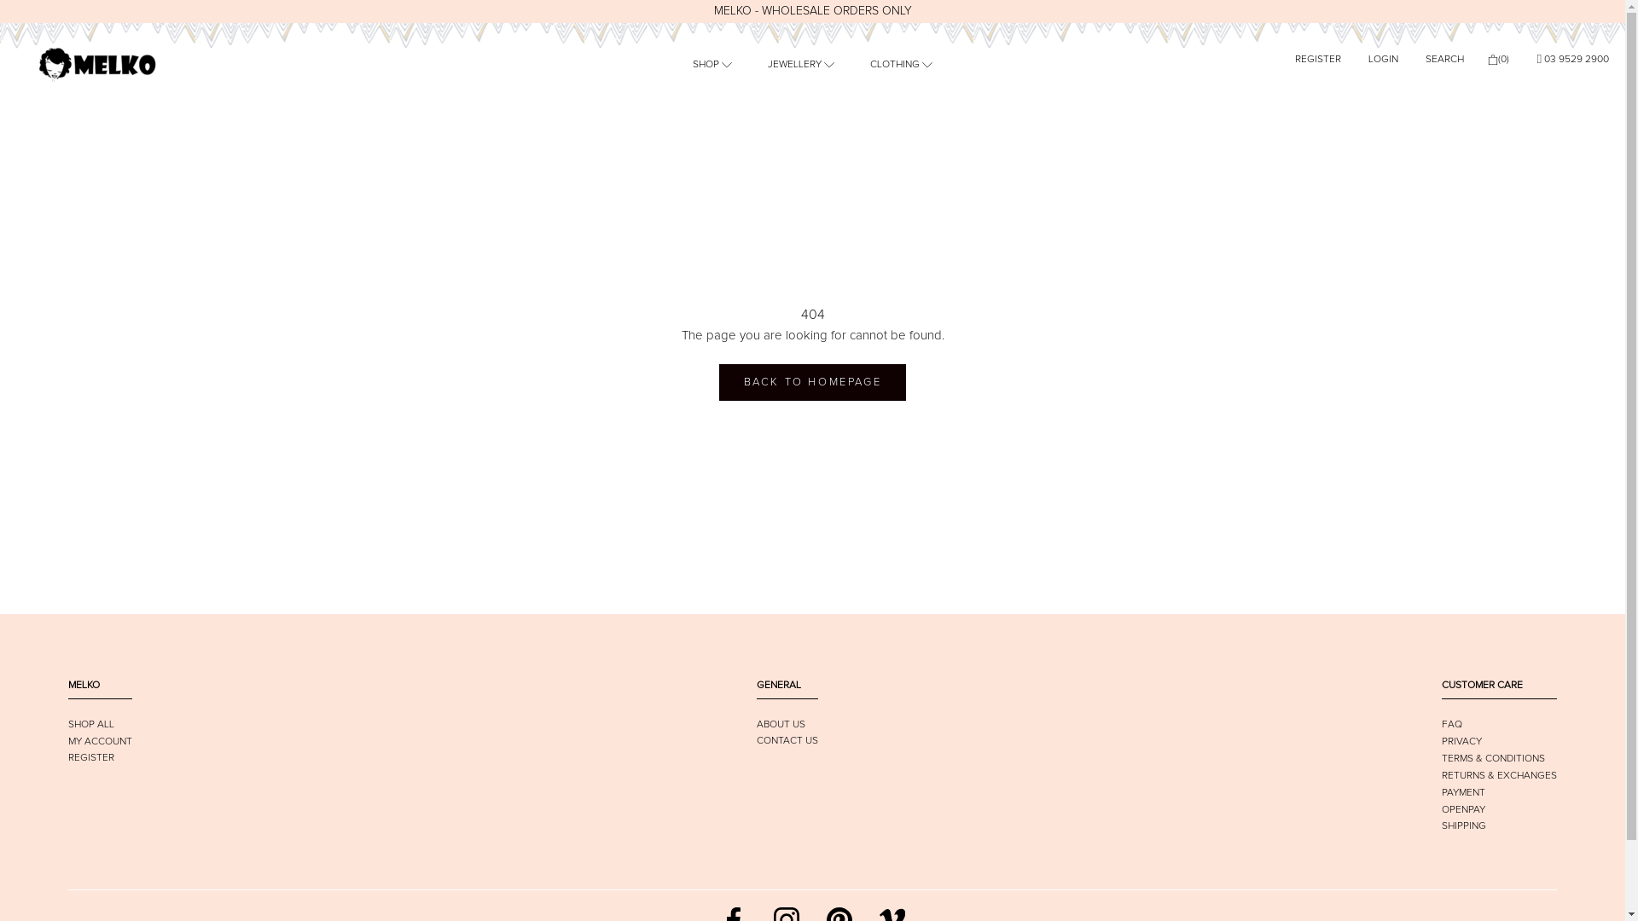 Image resolution: width=1638 pixels, height=921 pixels. I want to click on '(0)', so click(1497, 58).